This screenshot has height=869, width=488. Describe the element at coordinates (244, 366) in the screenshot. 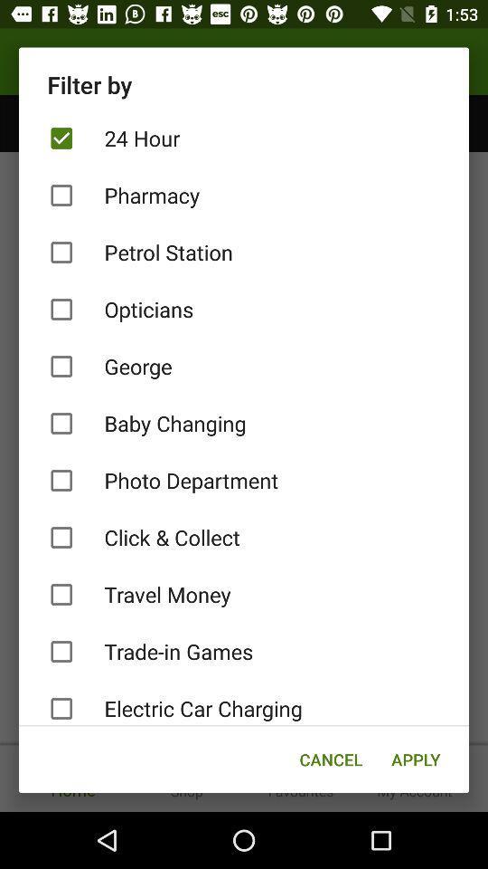

I see `george icon` at that location.